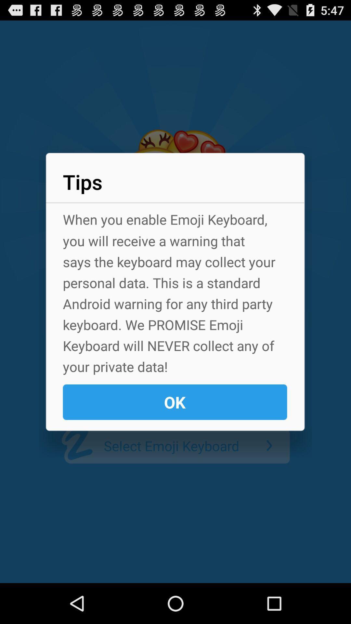 The image size is (351, 624). What do you see at coordinates (175, 402) in the screenshot?
I see `the icon below the when you enable` at bounding box center [175, 402].